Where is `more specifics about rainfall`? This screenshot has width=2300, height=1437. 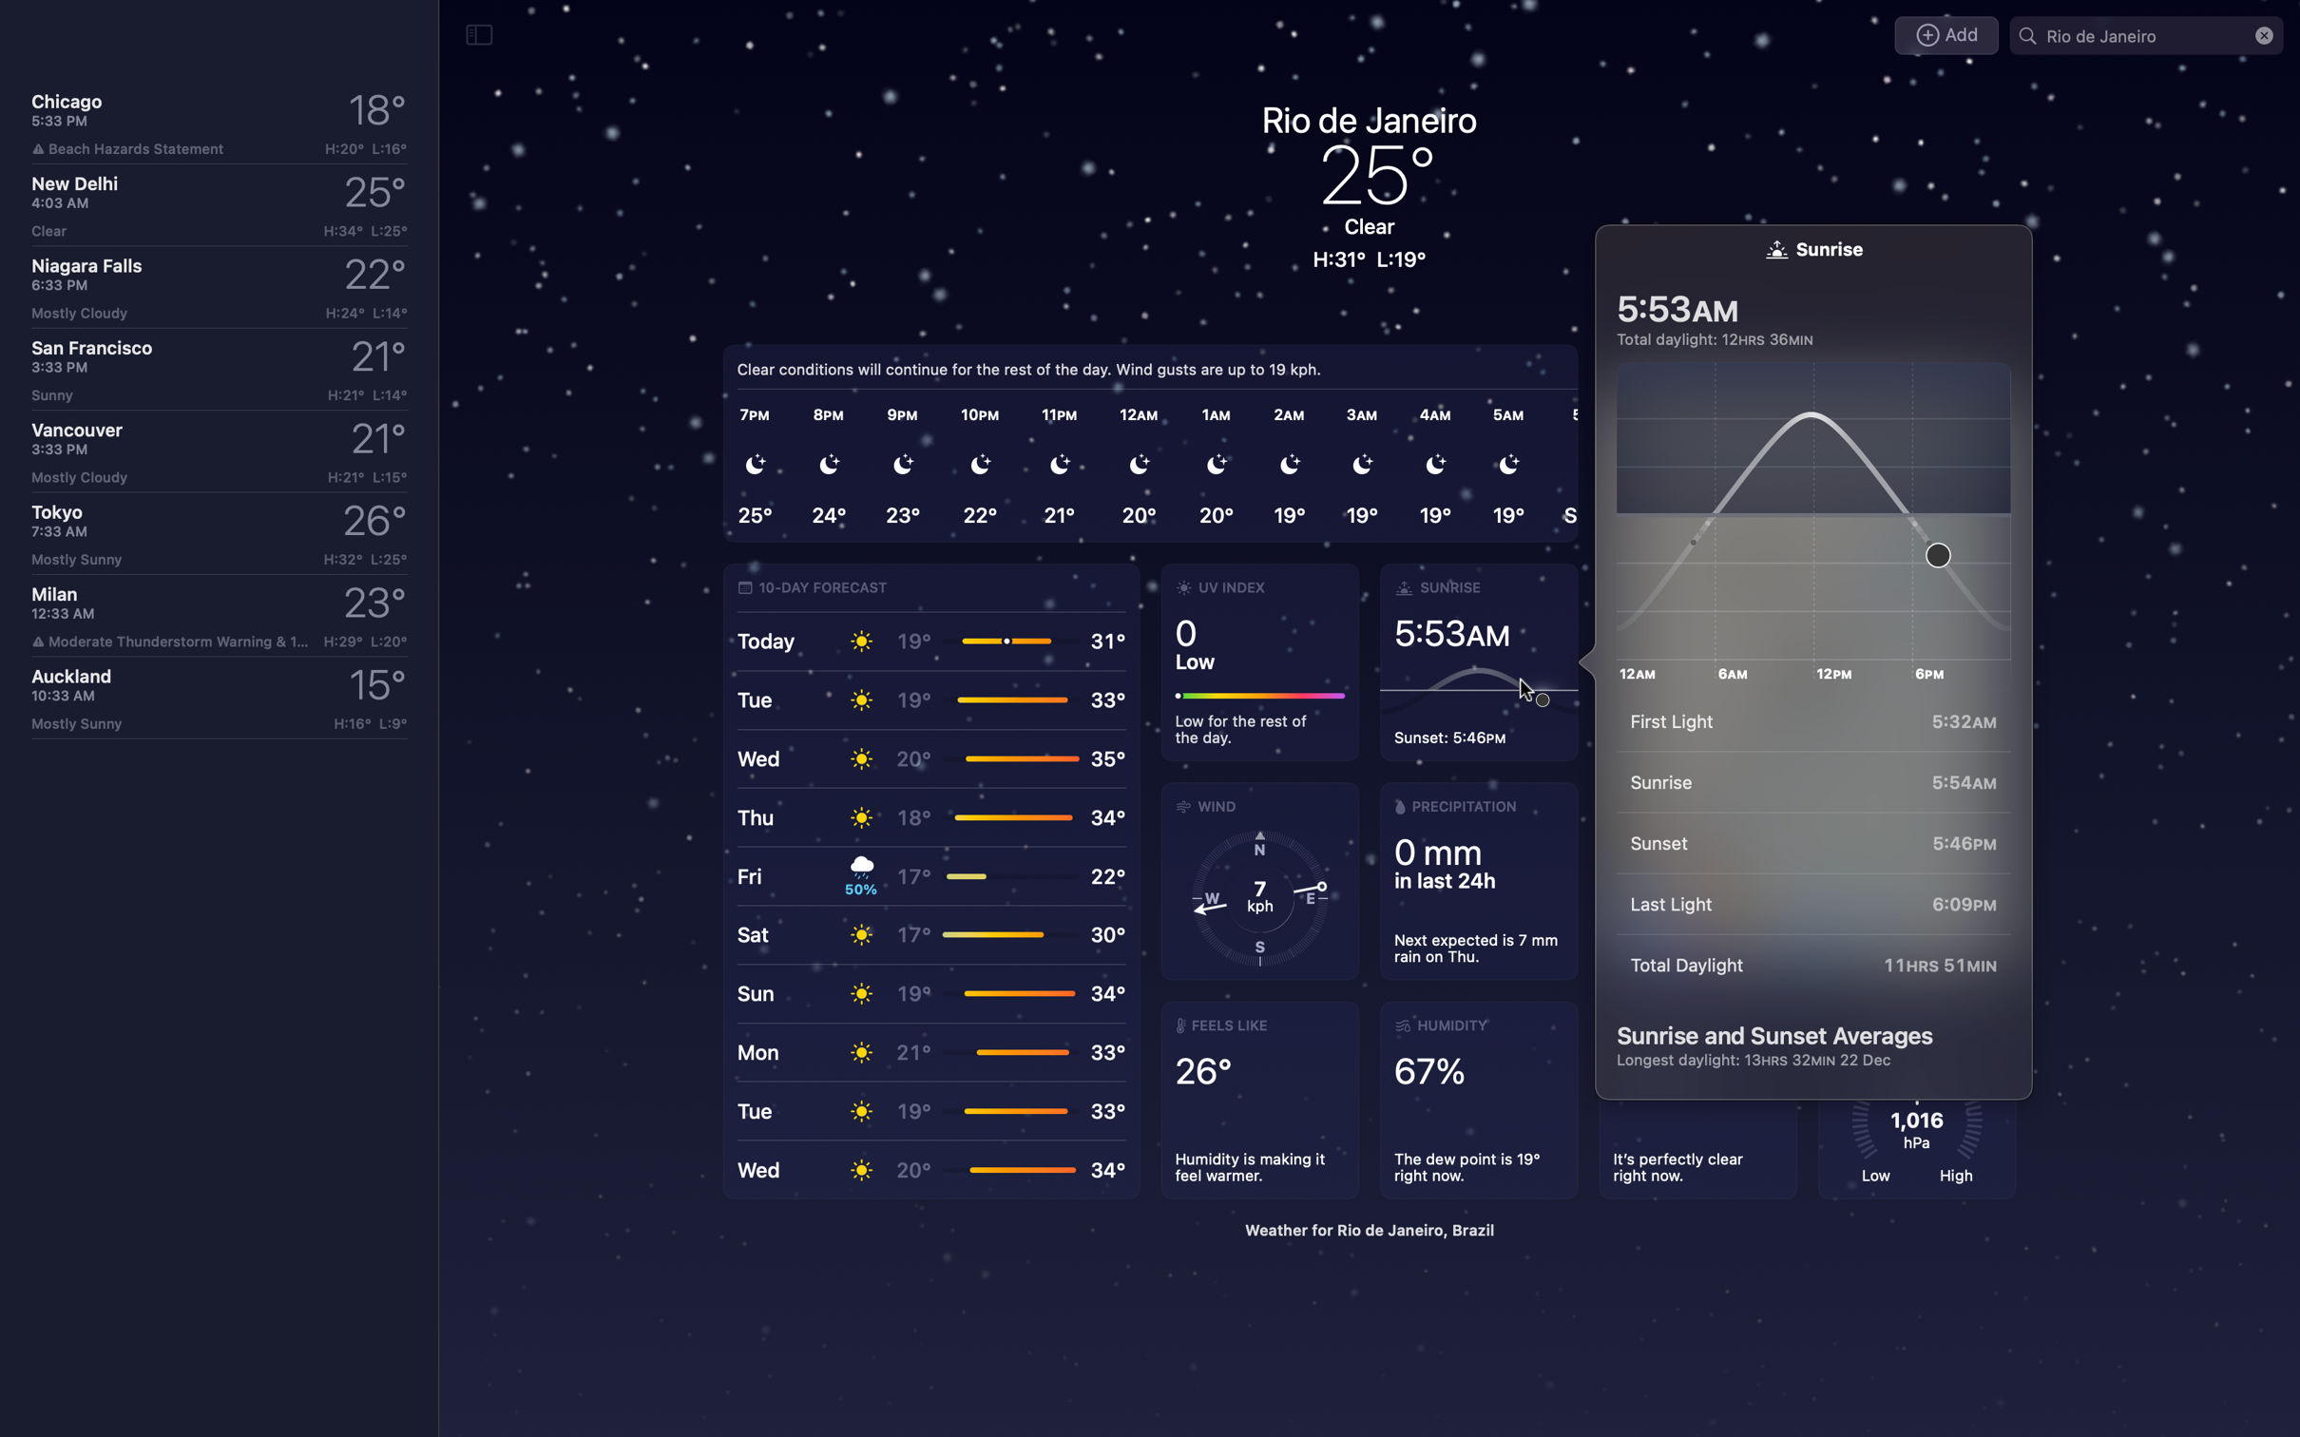
more specifics about rainfall is located at coordinates (1476, 880).